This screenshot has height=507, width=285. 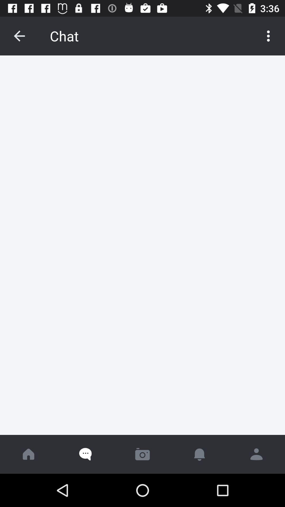 I want to click on go home, so click(x=28, y=454).